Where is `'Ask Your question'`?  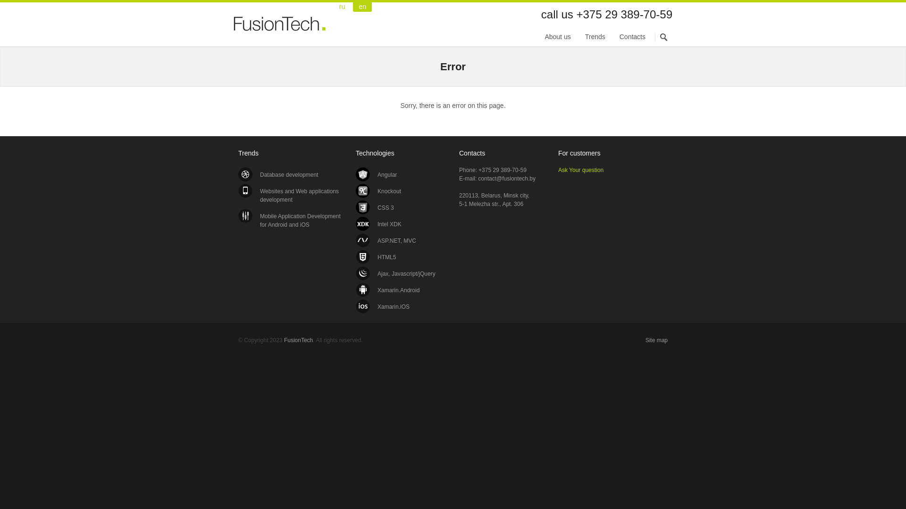
'Ask Your question' is located at coordinates (580, 170).